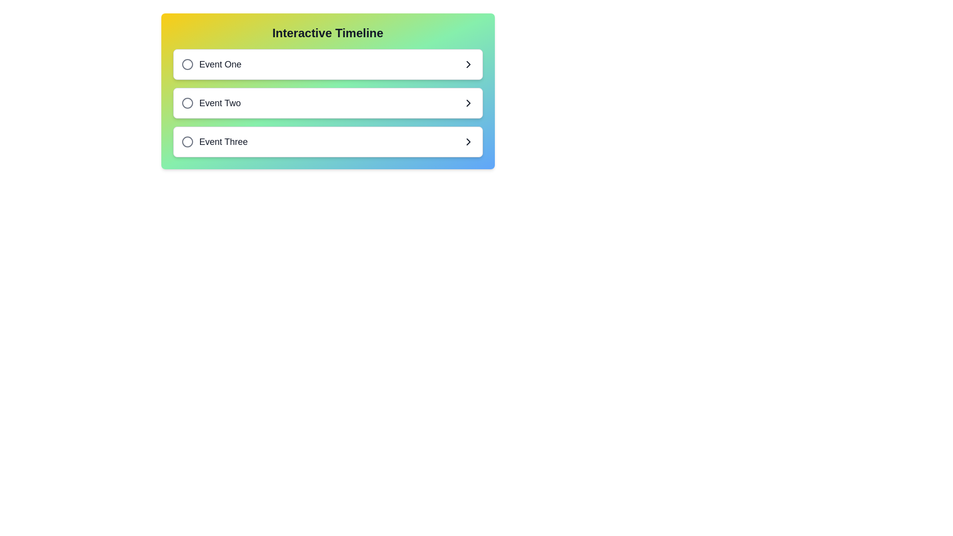  Describe the element at coordinates (187, 103) in the screenshot. I see `the grey-stroke circle positioned between 'Event One' and 'Event Three' in the vertically-stacked list of circles` at that location.